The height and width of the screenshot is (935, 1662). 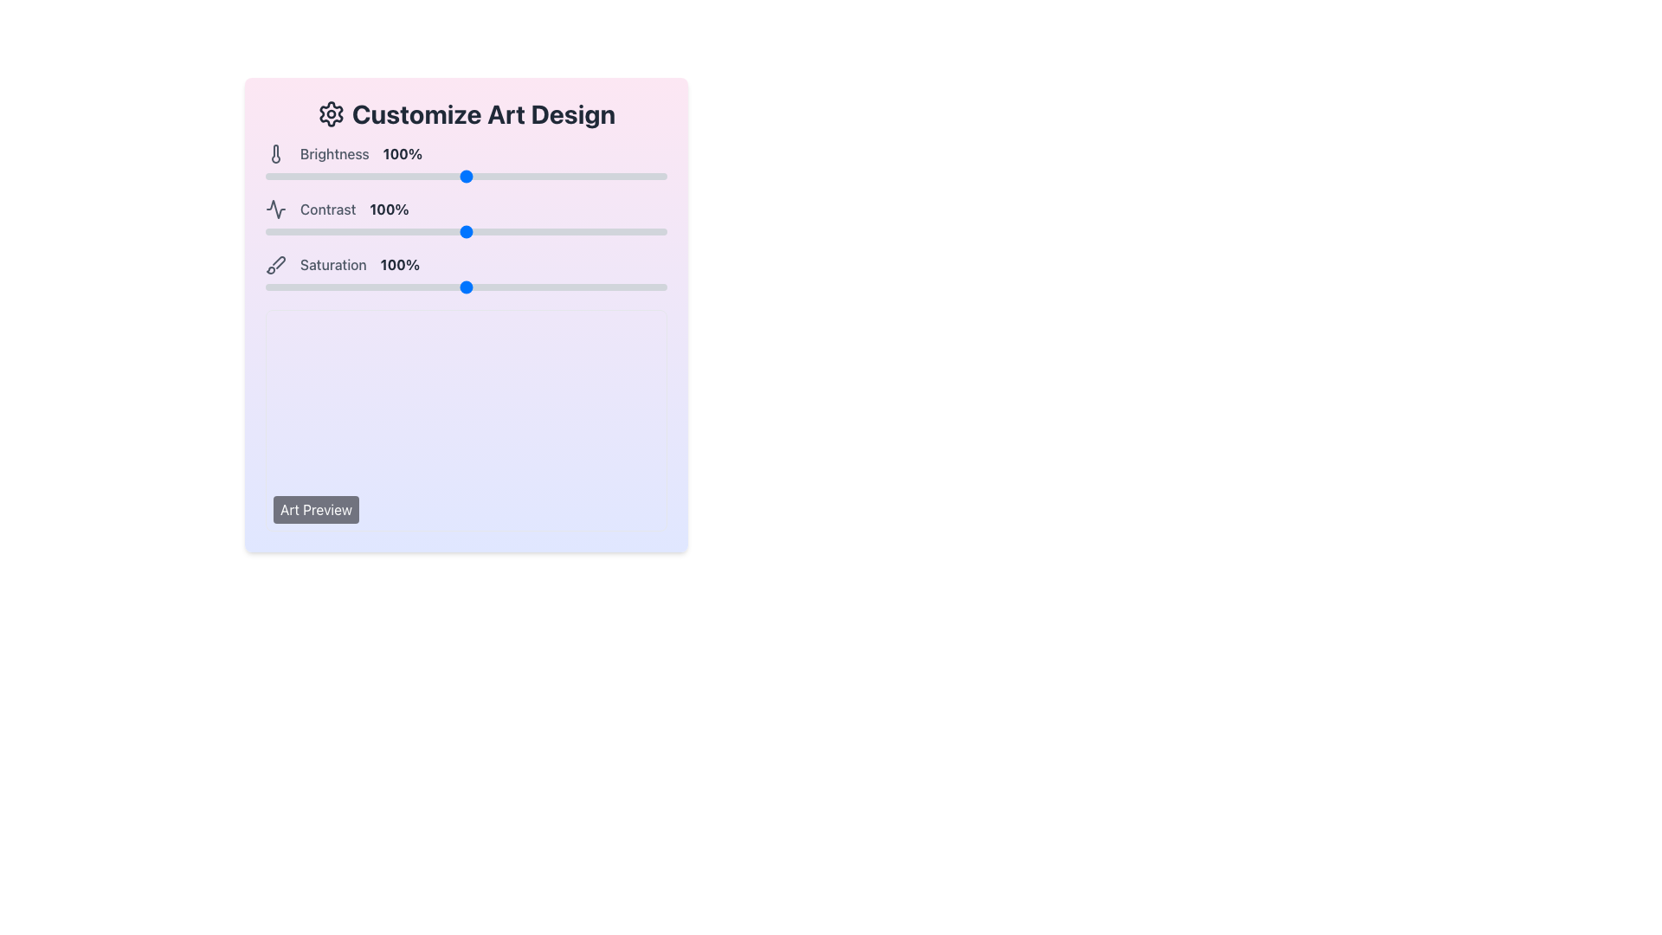 What do you see at coordinates (274, 209) in the screenshot?
I see `the contrast adjustment icon located in the settings panel, which is the second icon in a vertical stack of three icons, positioned between the brightness and saturation icons` at bounding box center [274, 209].